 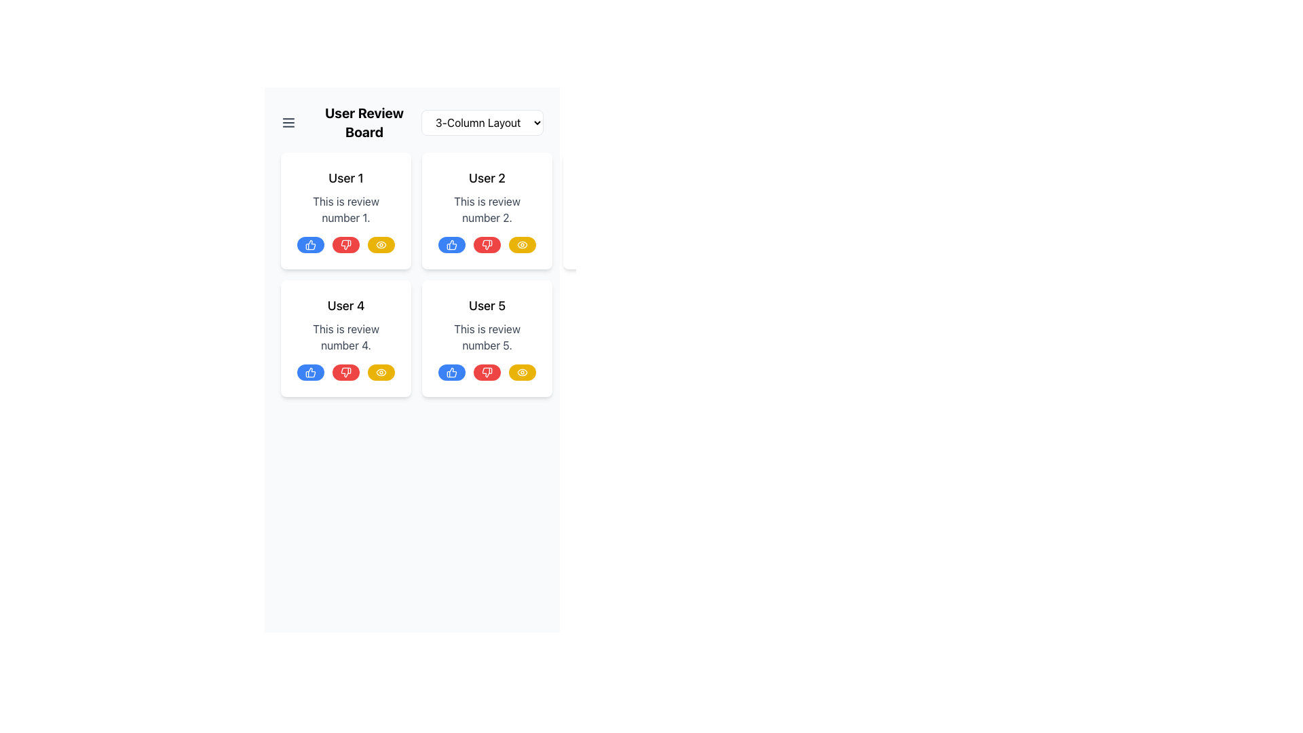 What do you see at coordinates (380, 372) in the screenshot?
I see `the visibility icon button located in the bottom-right section of the 'User 5' card` at bounding box center [380, 372].